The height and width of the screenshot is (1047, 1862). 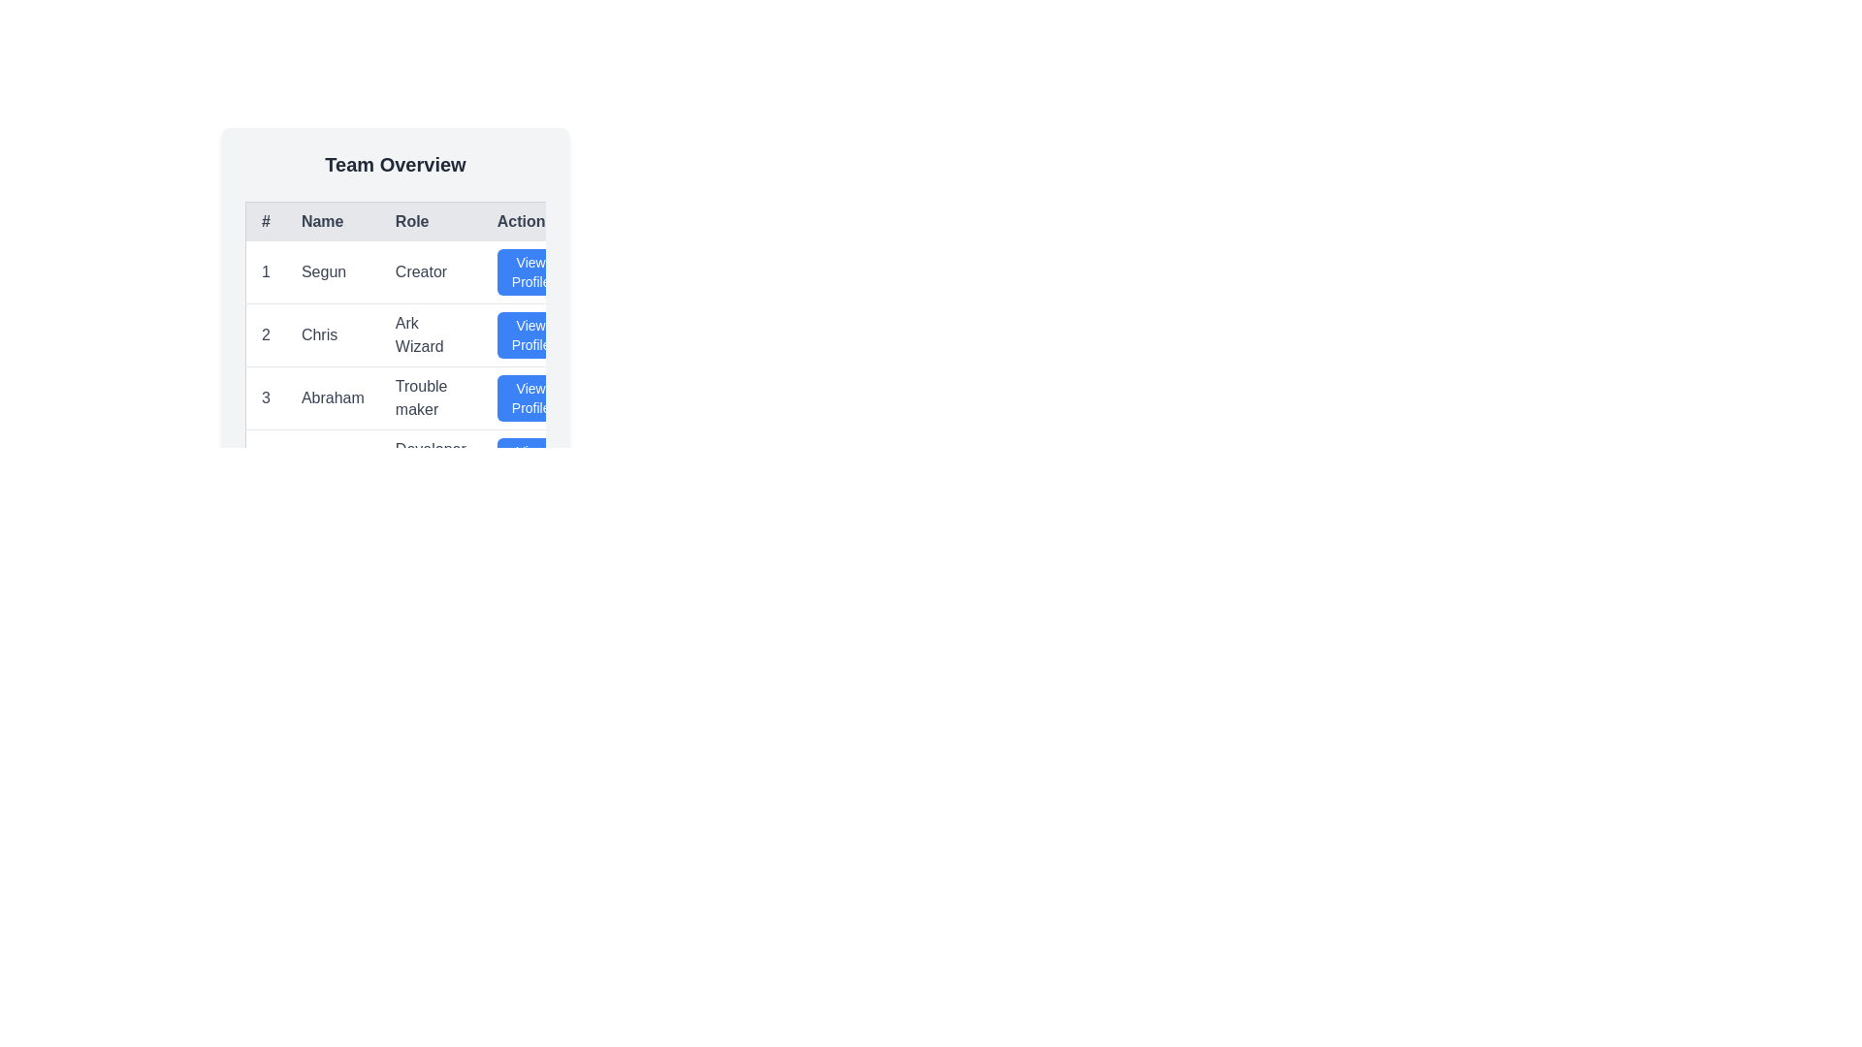 What do you see at coordinates (539, 397) in the screenshot?
I see `the button labeled 'Trouble maker' in the 'Action' column` at bounding box center [539, 397].